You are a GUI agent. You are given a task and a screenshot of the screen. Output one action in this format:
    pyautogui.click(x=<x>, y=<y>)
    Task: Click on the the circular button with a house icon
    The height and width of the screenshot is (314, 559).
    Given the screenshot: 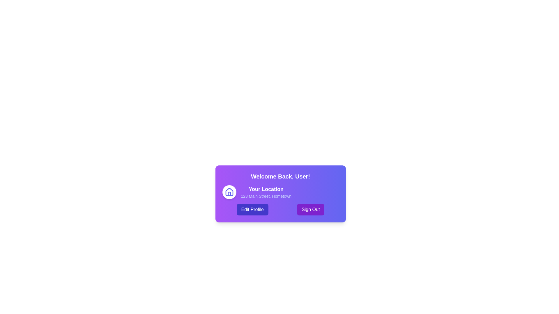 What is the action you would take?
    pyautogui.click(x=229, y=192)
    